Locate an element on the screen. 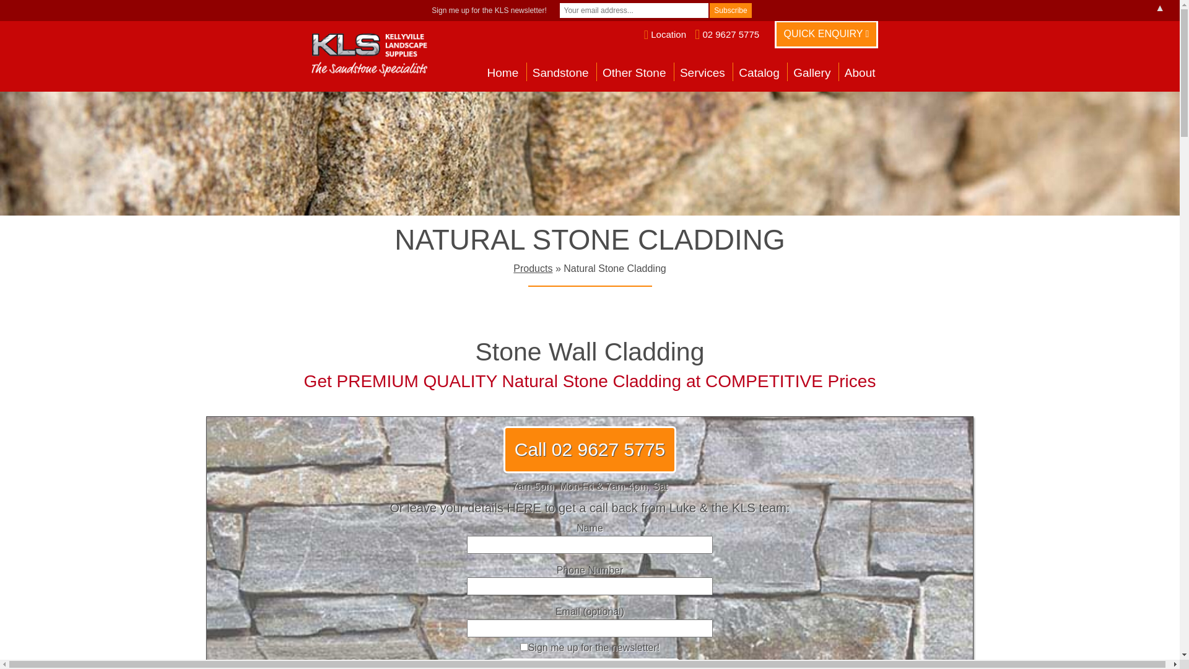 This screenshot has height=669, width=1189. 'Catalog' is located at coordinates (758, 74).